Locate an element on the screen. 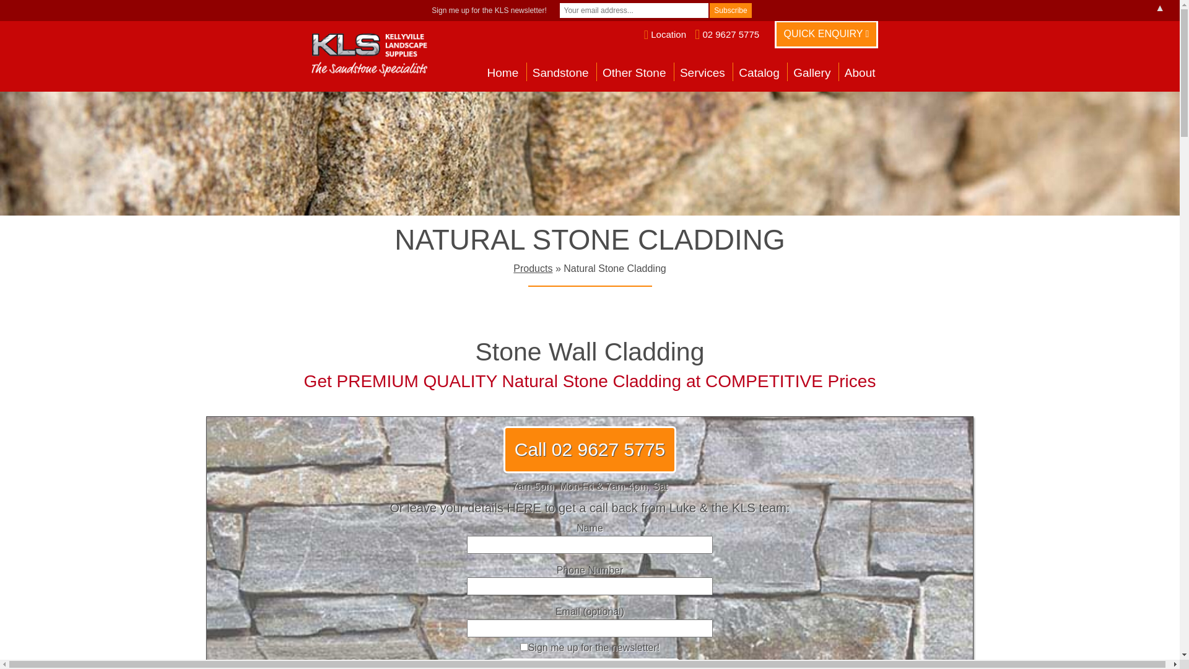 This screenshot has height=669, width=1189. 'Catalog' is located at coordinates (758, 74).